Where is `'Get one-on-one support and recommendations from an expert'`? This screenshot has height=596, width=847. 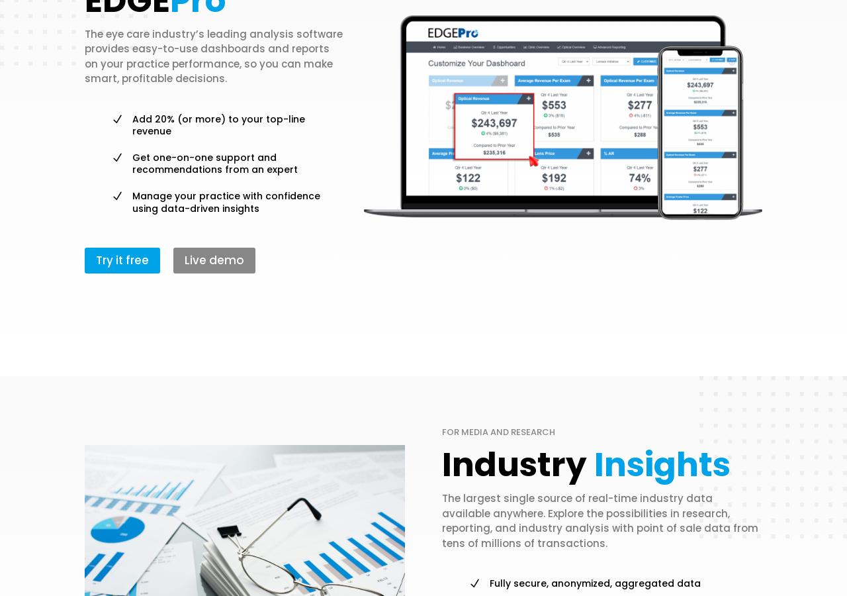
'Get one-on-one support and recommendations from an expert' is located at coordinates (214, 162).